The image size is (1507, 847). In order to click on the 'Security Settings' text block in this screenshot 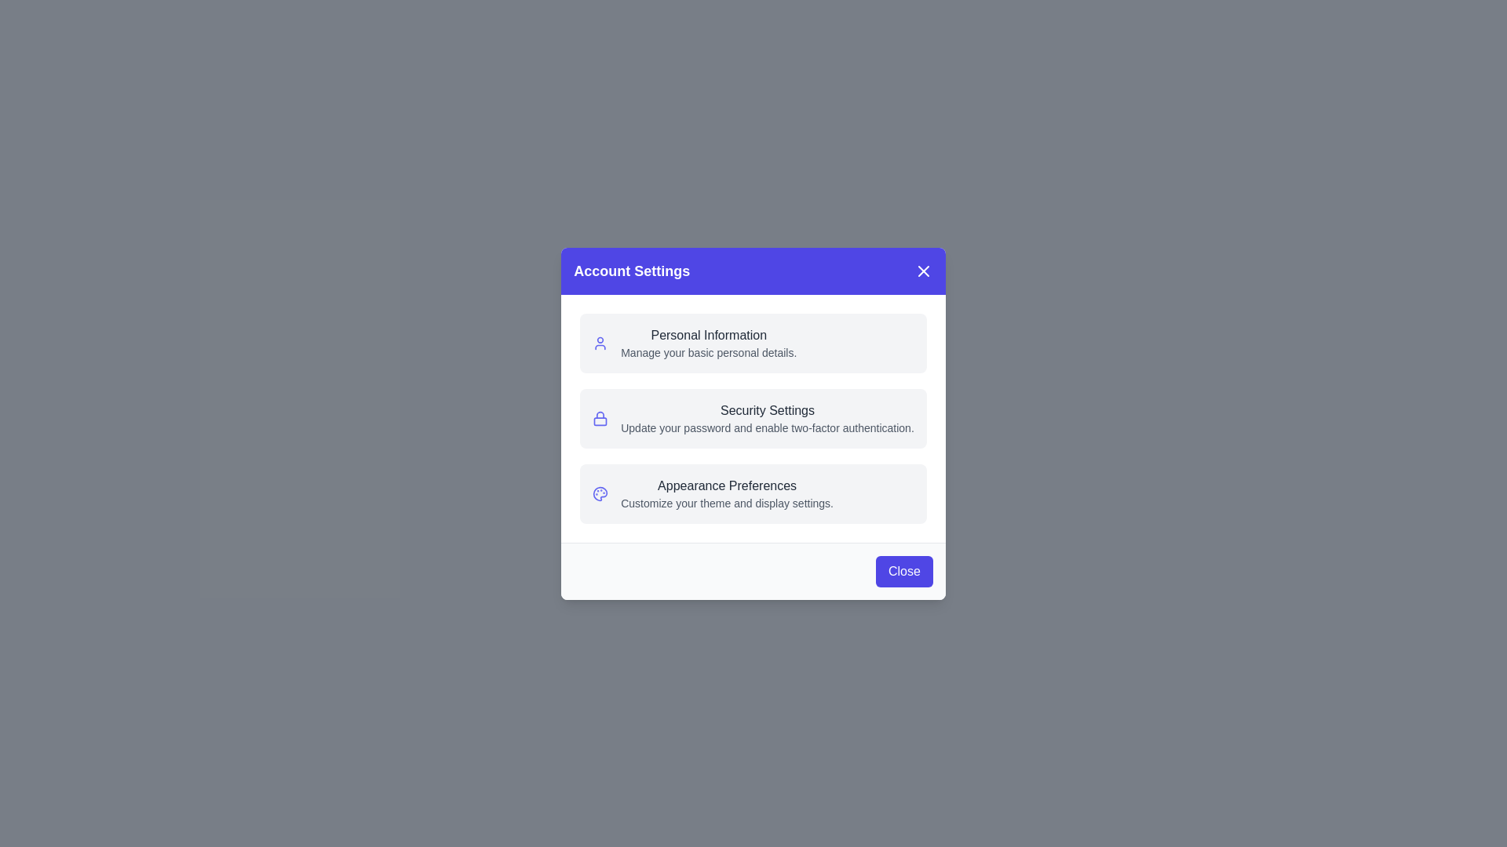, I will do `click(768, 417)`.